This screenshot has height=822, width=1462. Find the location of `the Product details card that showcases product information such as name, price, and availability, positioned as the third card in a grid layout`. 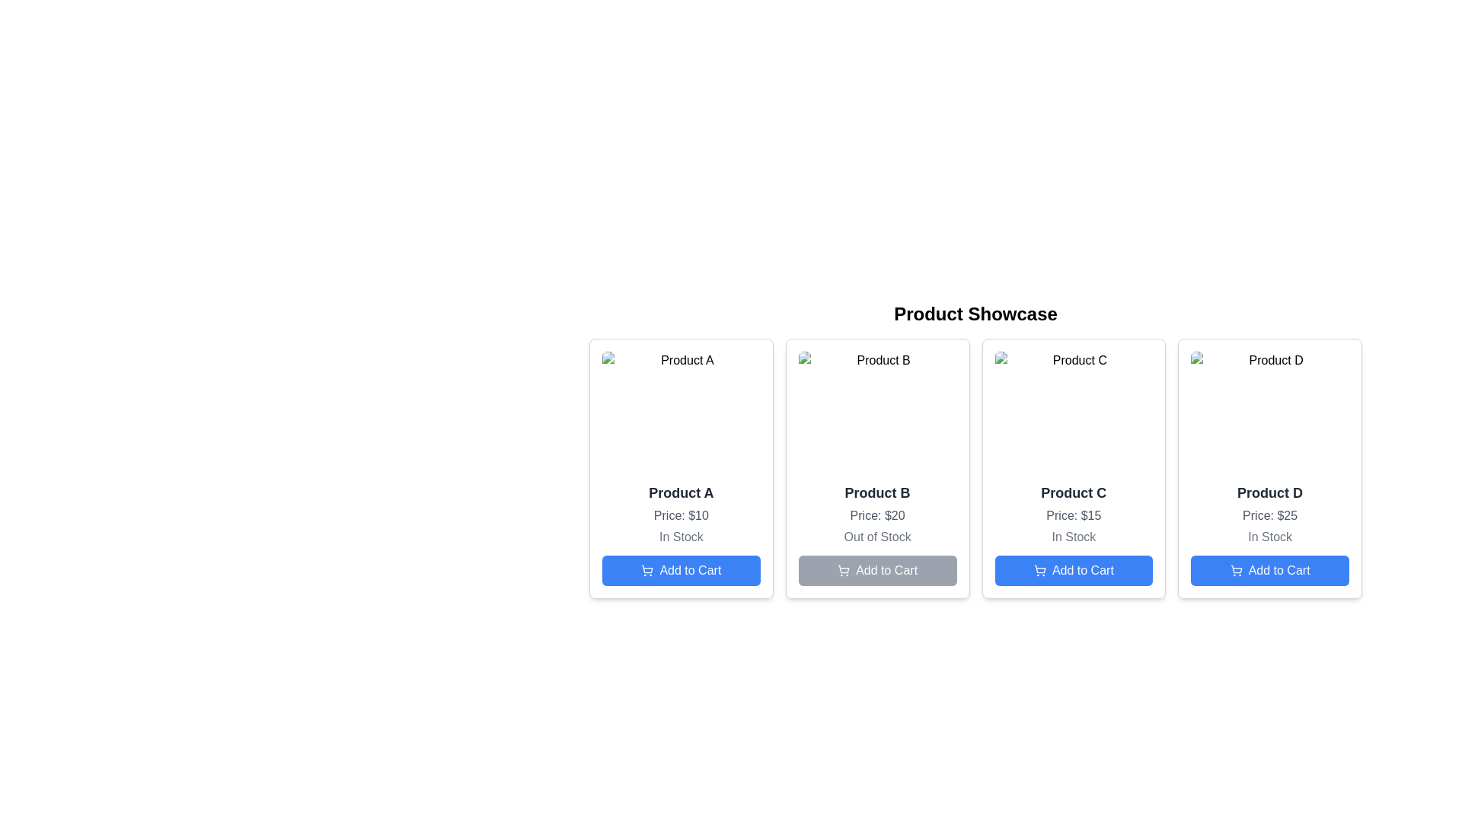

the Product details card that showcases product information such as name, price, and availability, positioned as the third card in a grid layout is located at coordinates (1073, 468).